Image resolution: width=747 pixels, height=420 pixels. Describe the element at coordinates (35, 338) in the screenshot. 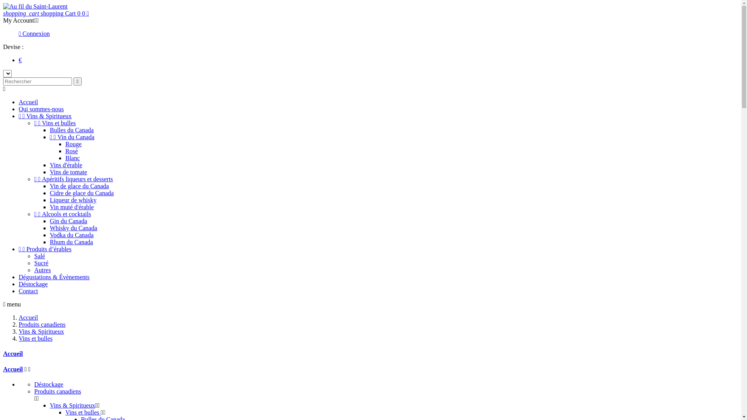

I see `'Vins et bulles'` at that location.